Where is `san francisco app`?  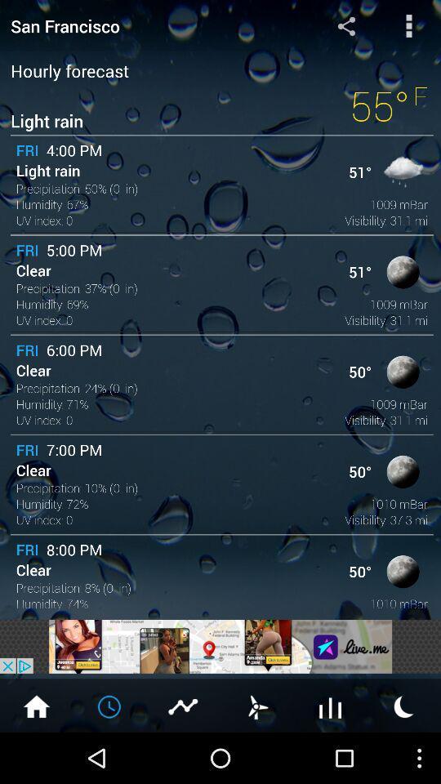 san francisco app is located at coordinates (146, 24).